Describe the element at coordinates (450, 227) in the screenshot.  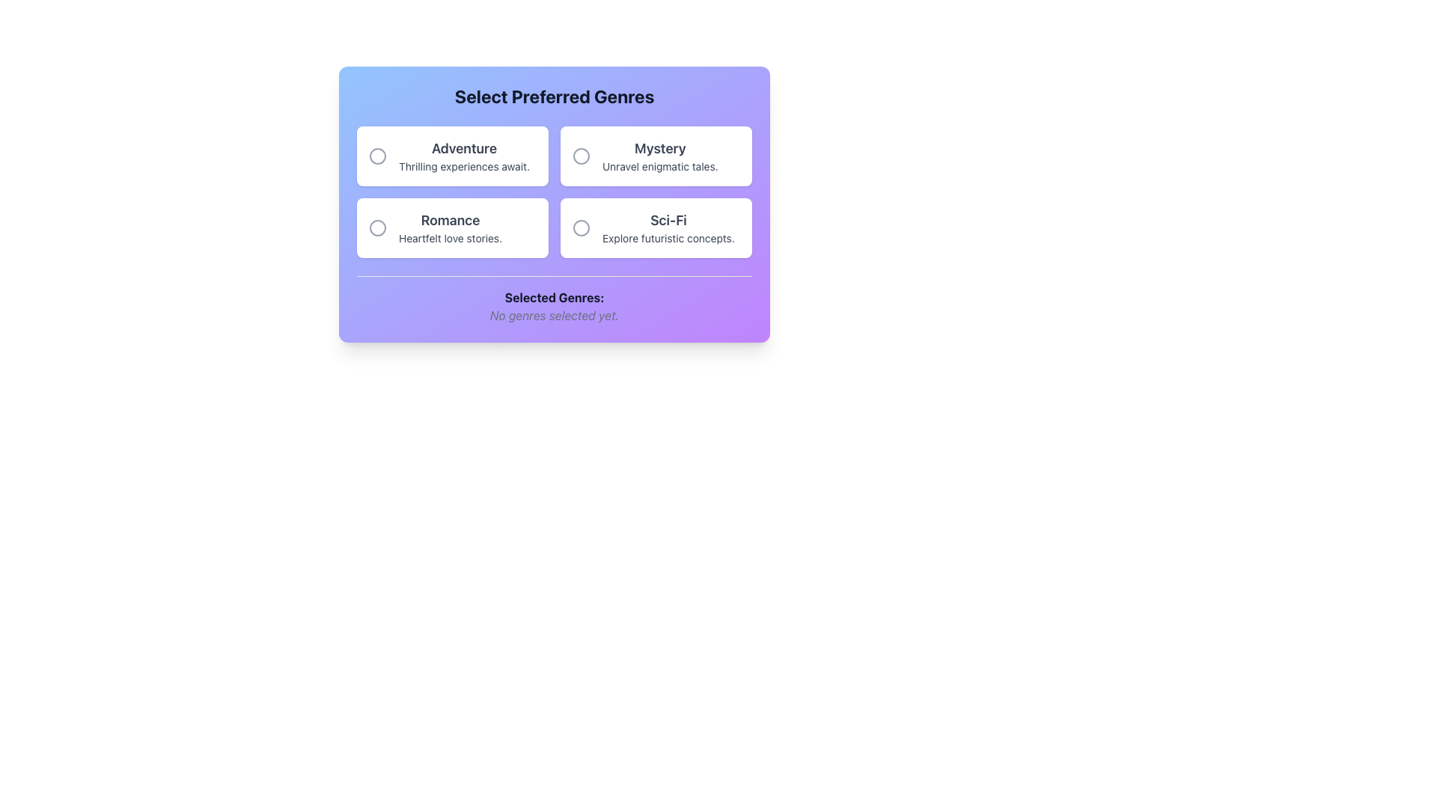
I see `the text label representing the second genre option in the grid, located beneath 'Adventure' and to the left of 'Sci-Fi'` at that location.